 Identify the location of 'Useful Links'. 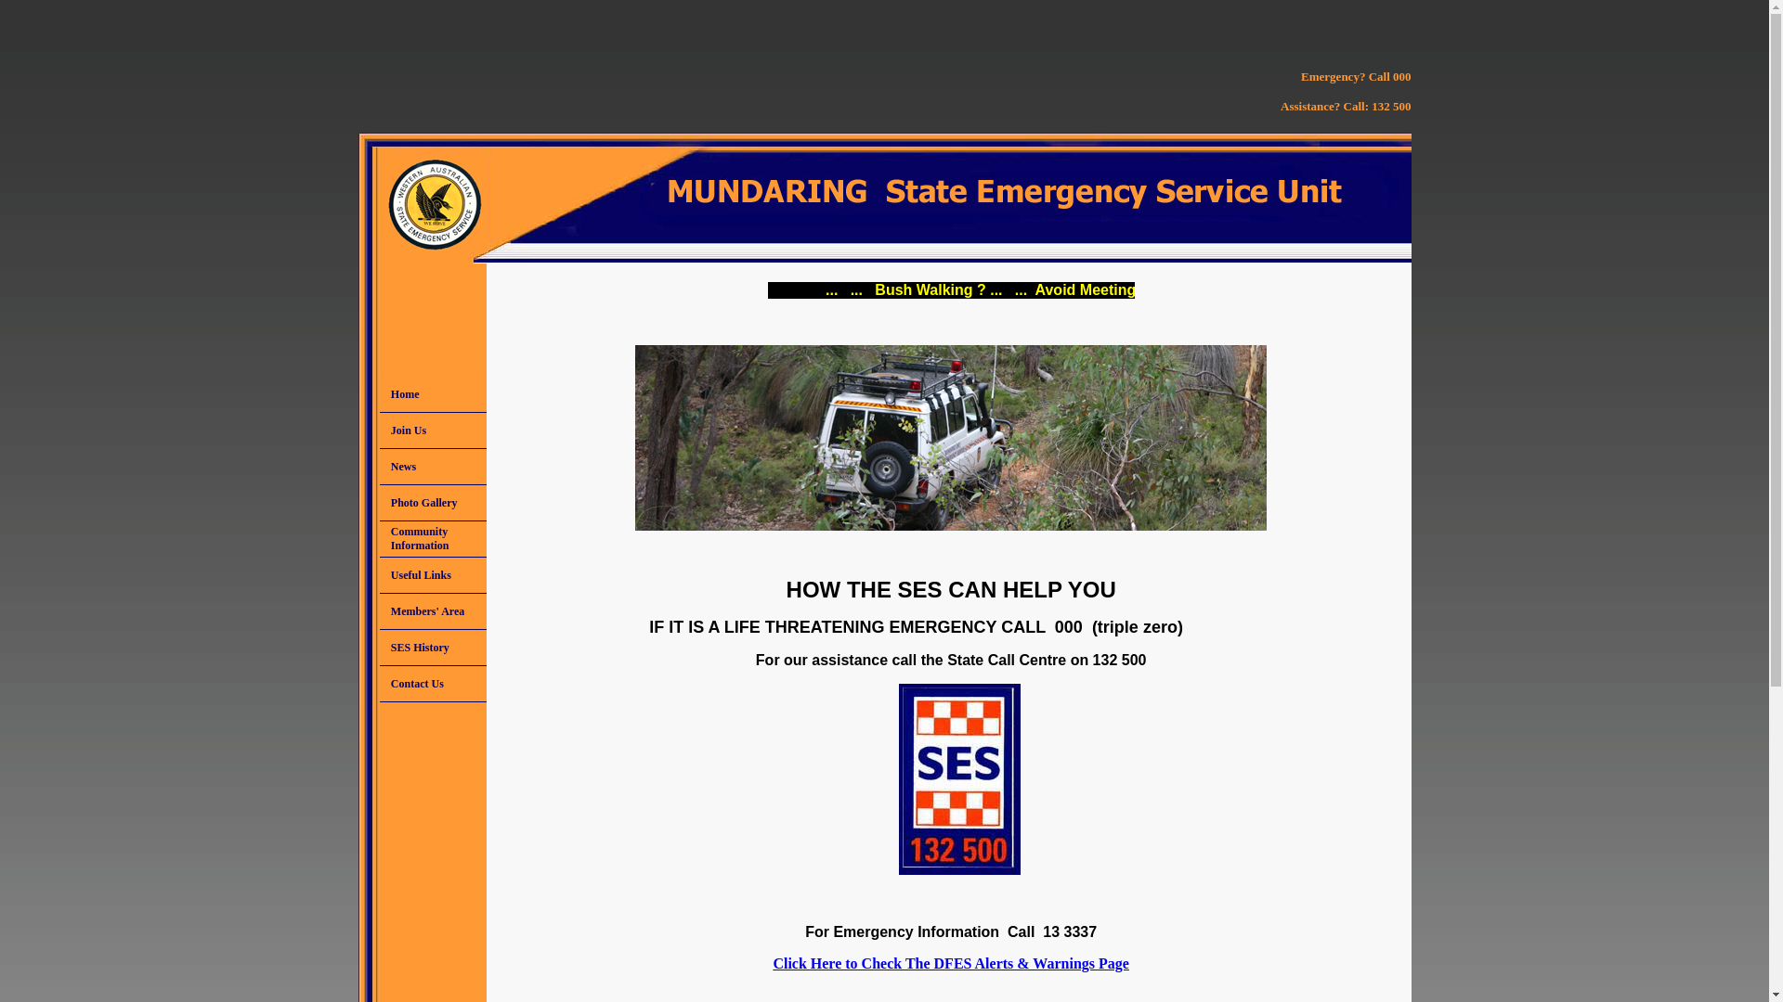
(432, 574).